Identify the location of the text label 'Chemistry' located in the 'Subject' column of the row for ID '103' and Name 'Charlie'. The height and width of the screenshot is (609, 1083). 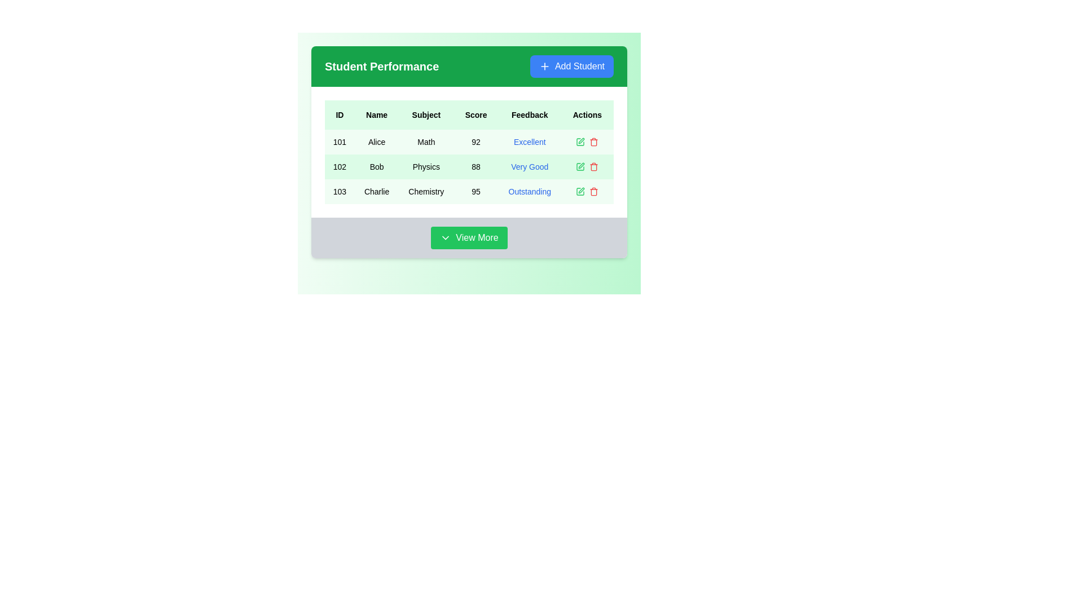
(425, 191).